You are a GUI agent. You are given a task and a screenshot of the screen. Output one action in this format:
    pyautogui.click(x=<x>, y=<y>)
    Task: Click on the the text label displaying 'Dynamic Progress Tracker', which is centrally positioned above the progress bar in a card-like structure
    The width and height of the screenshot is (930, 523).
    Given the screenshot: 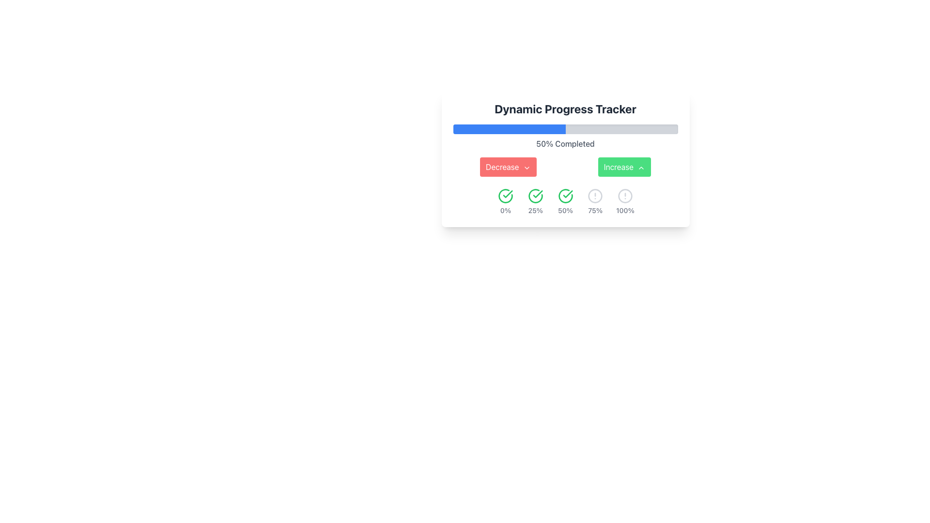 What is the action you would take?
    pyautogui.click(x=565, y=108)
    